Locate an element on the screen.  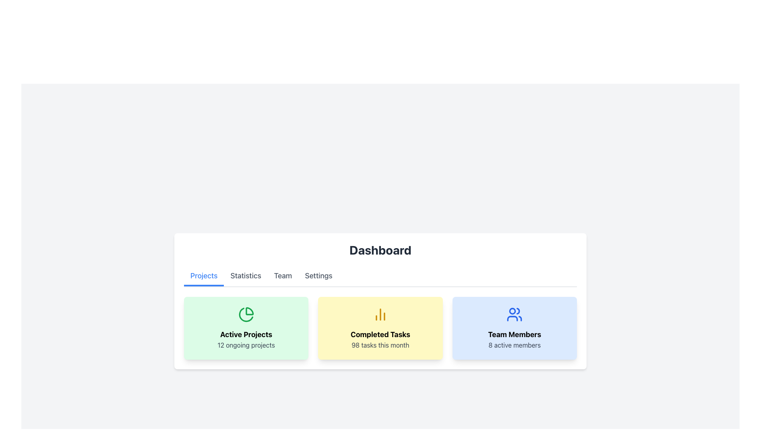
text label that summarizes the number of completed tasks for the month, located in the center yellow card below the bar chart icon is located at coordinates (380, 334).